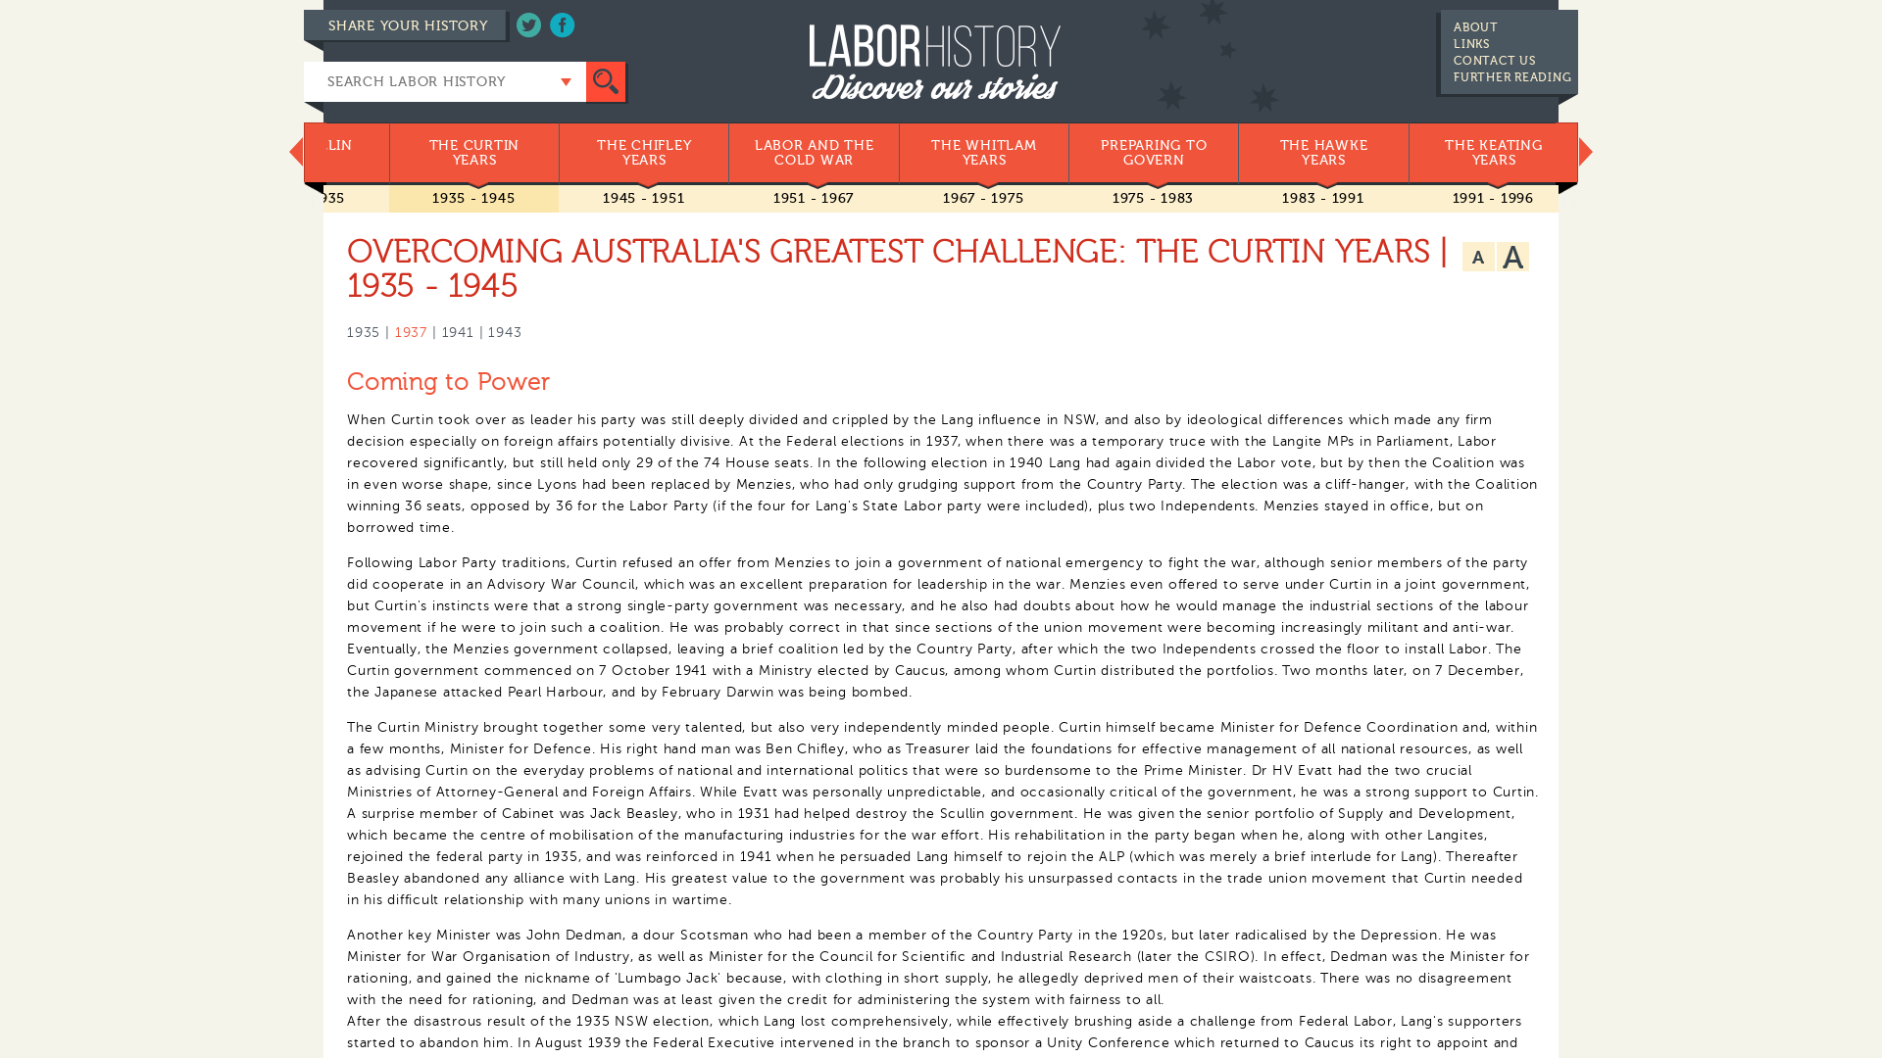 The height and width of the screenshot is (1058, 1882). Describe the element at coordinates (302, 153) in the screenshot. I see `'THE SCULLIN YEARS'` at that location.